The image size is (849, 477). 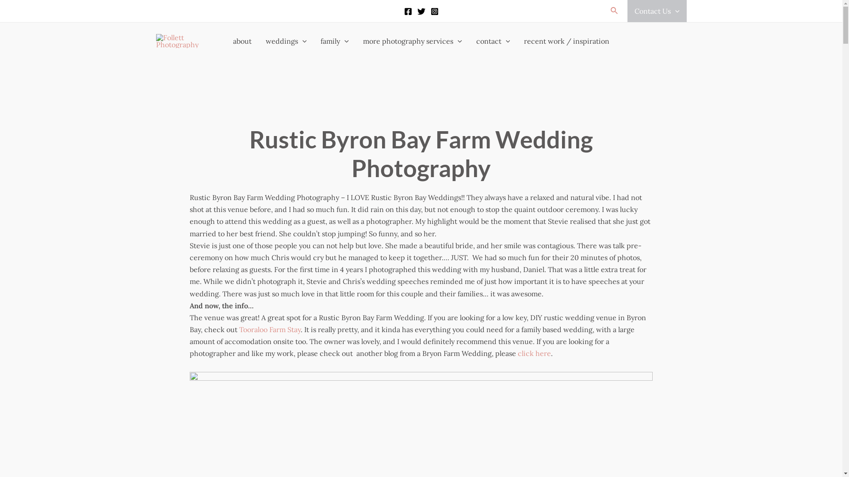 I want to click on 'about', so click(x=226, y=41).